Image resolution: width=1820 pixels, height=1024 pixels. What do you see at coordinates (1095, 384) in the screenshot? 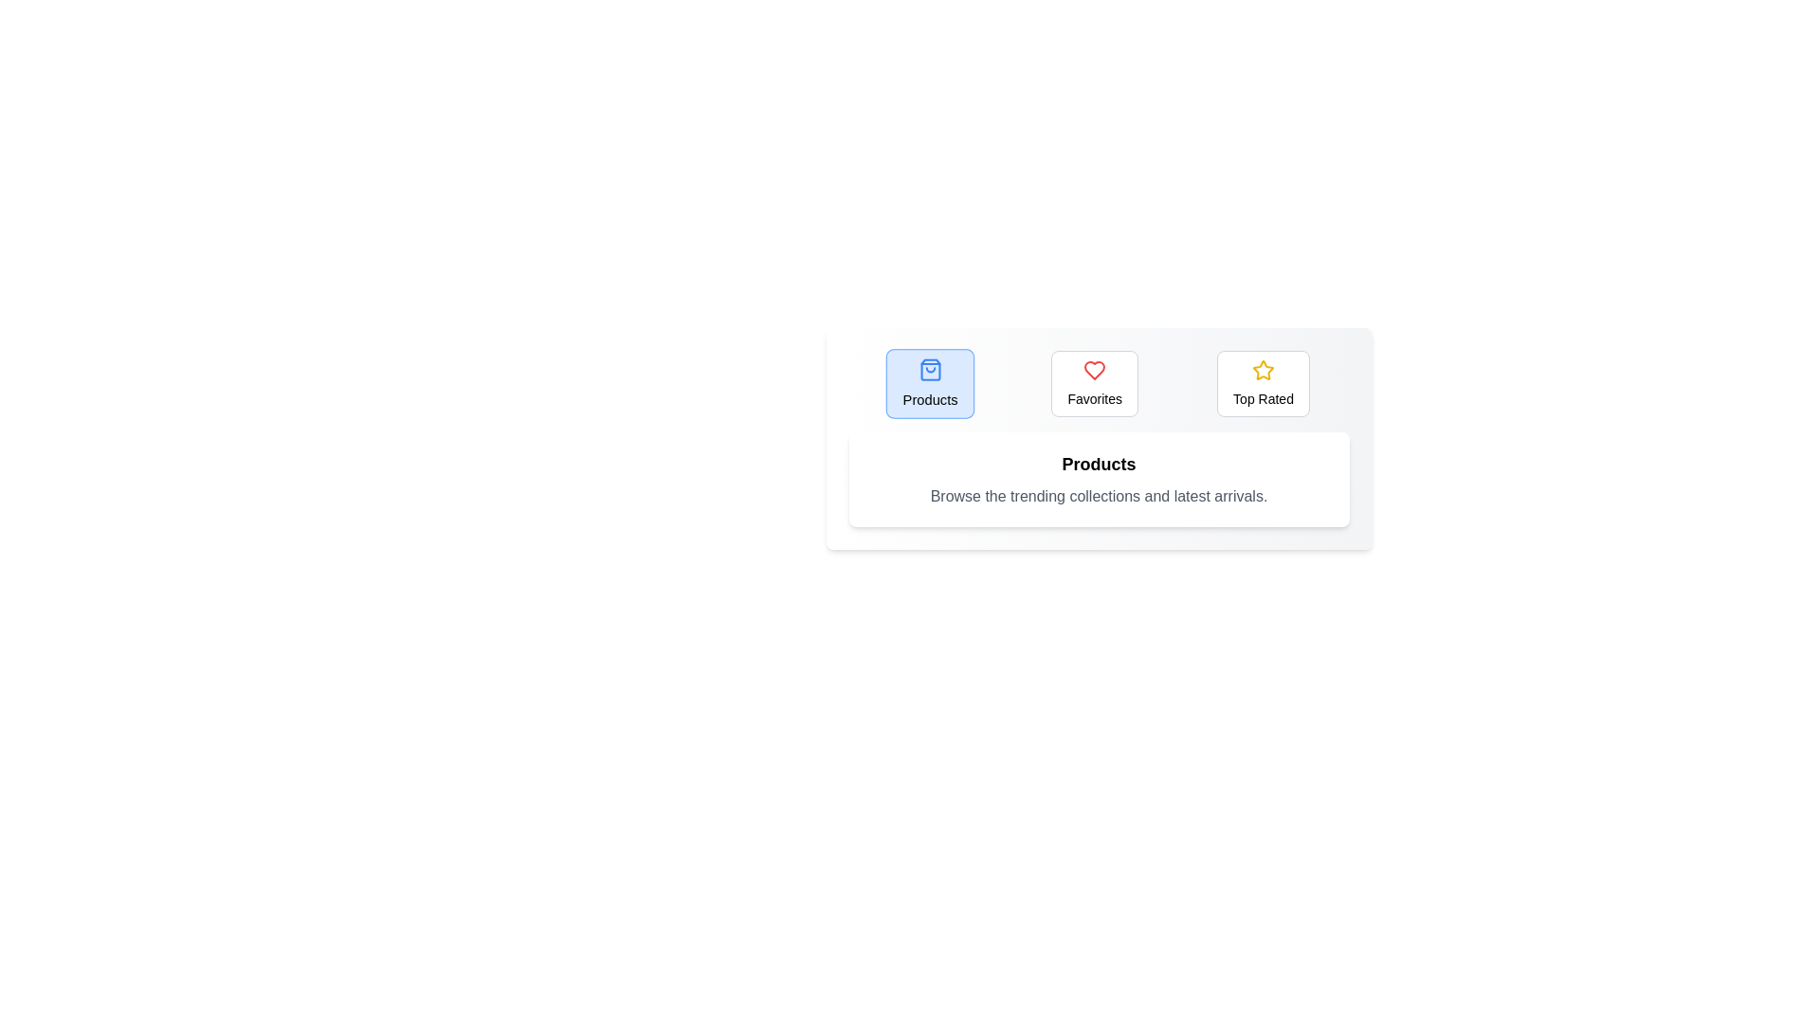
I see `the Favorites tab` at bounding box center [1095, 384].